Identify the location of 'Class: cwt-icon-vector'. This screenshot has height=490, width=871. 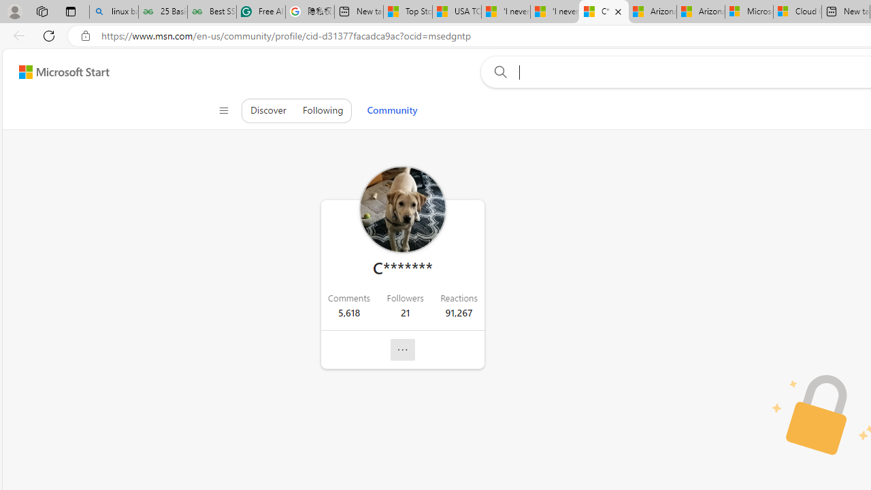
(402, 349).